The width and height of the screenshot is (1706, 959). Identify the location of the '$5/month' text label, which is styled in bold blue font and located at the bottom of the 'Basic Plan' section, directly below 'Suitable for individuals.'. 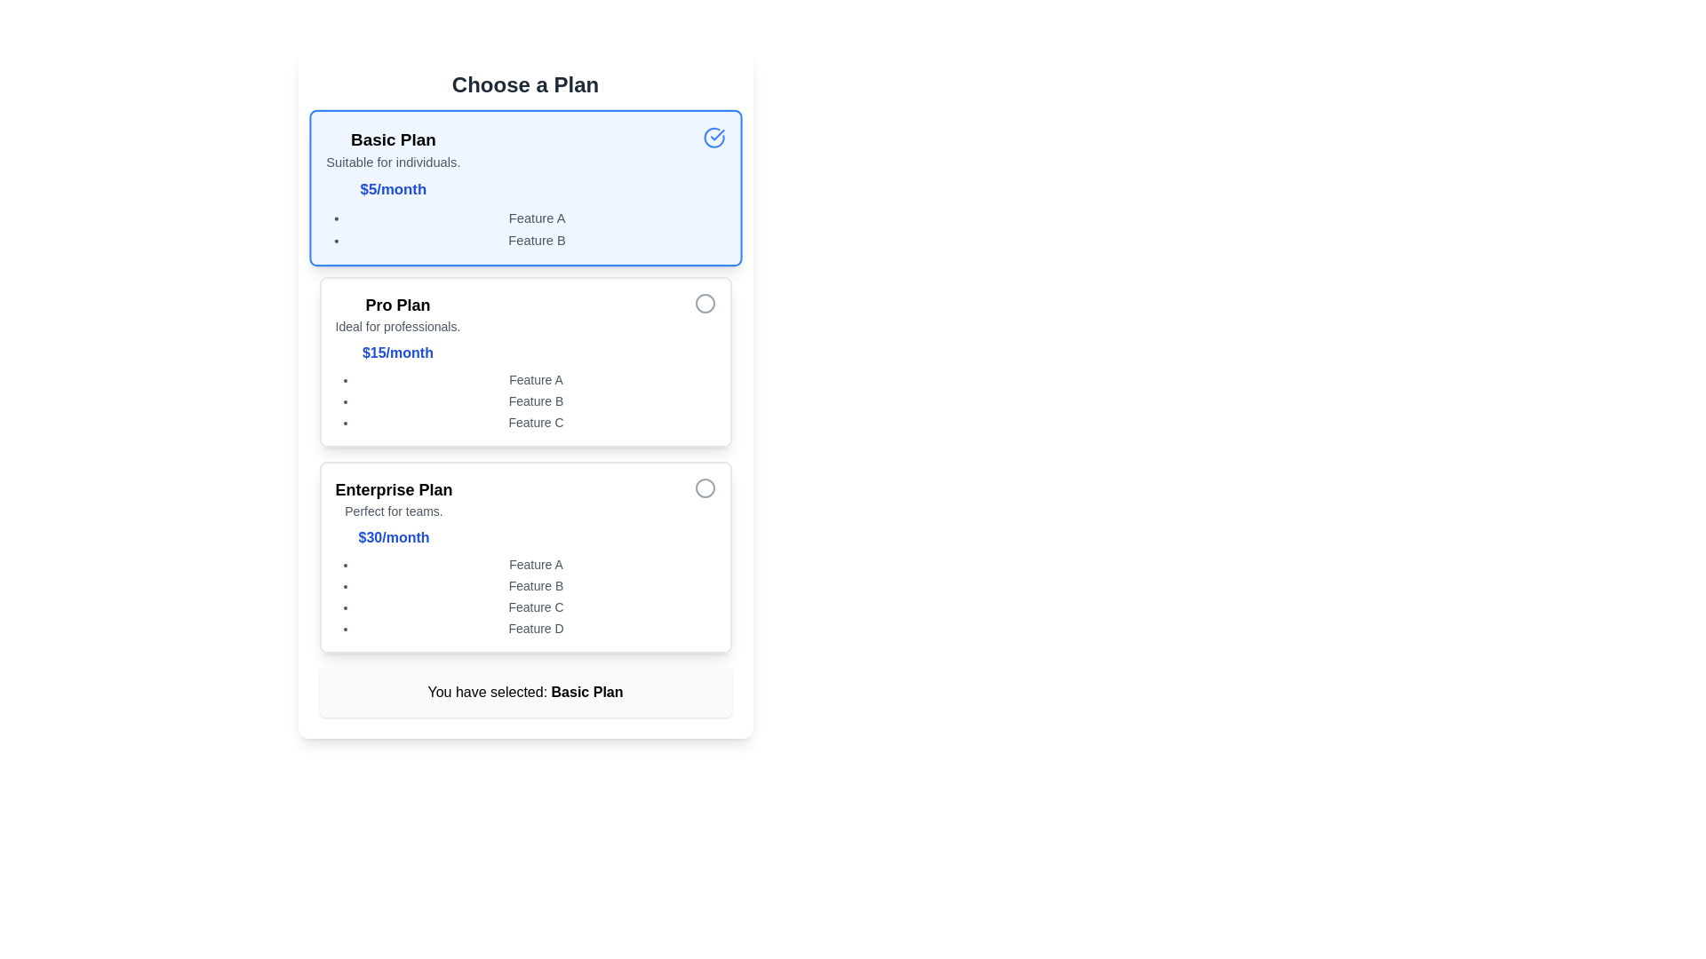
(392, 190).